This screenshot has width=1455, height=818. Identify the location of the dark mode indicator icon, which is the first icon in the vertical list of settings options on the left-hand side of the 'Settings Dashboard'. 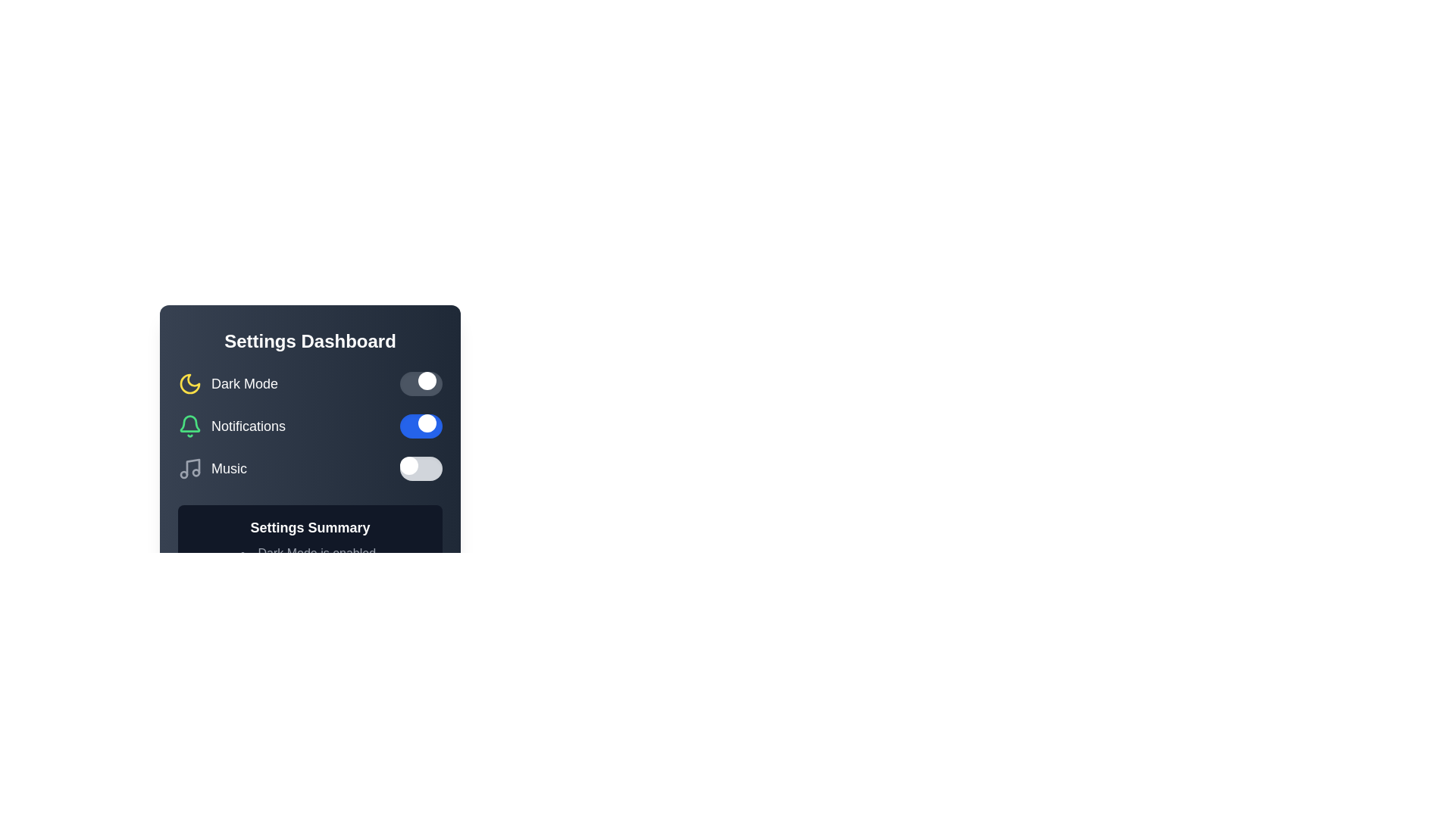
(189, 382).